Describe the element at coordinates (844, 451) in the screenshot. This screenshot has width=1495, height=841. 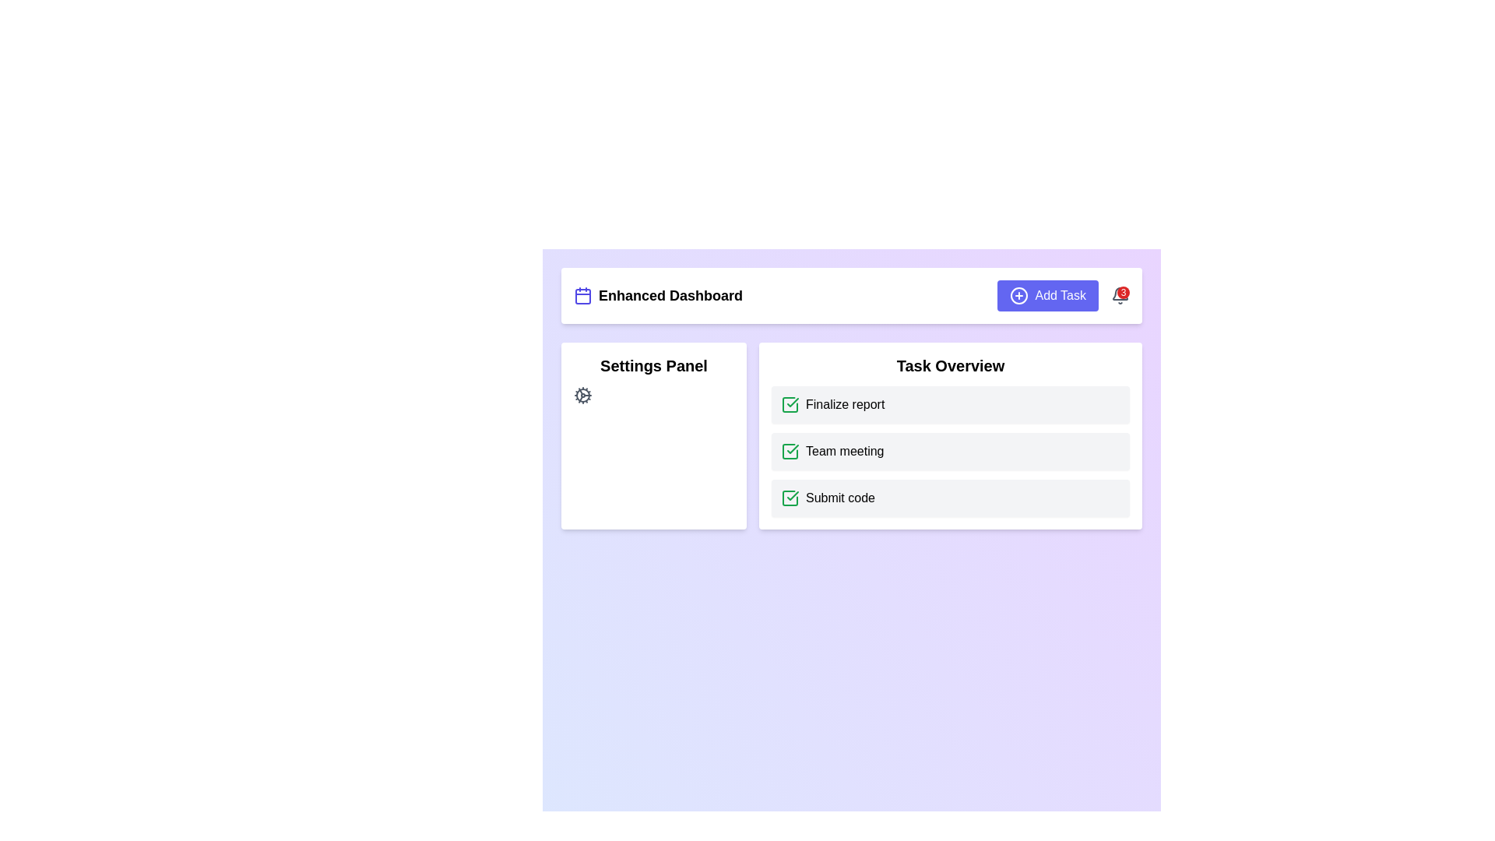
I see `the label indicating a scheduled team meeting, which is located in the second row of the task list within the 'Task Overview' section, following the 'Finalize report' entry and preceding the 'Submit code' entry` at that location.